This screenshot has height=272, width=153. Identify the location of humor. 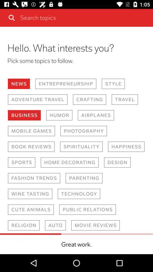
(59, 115).